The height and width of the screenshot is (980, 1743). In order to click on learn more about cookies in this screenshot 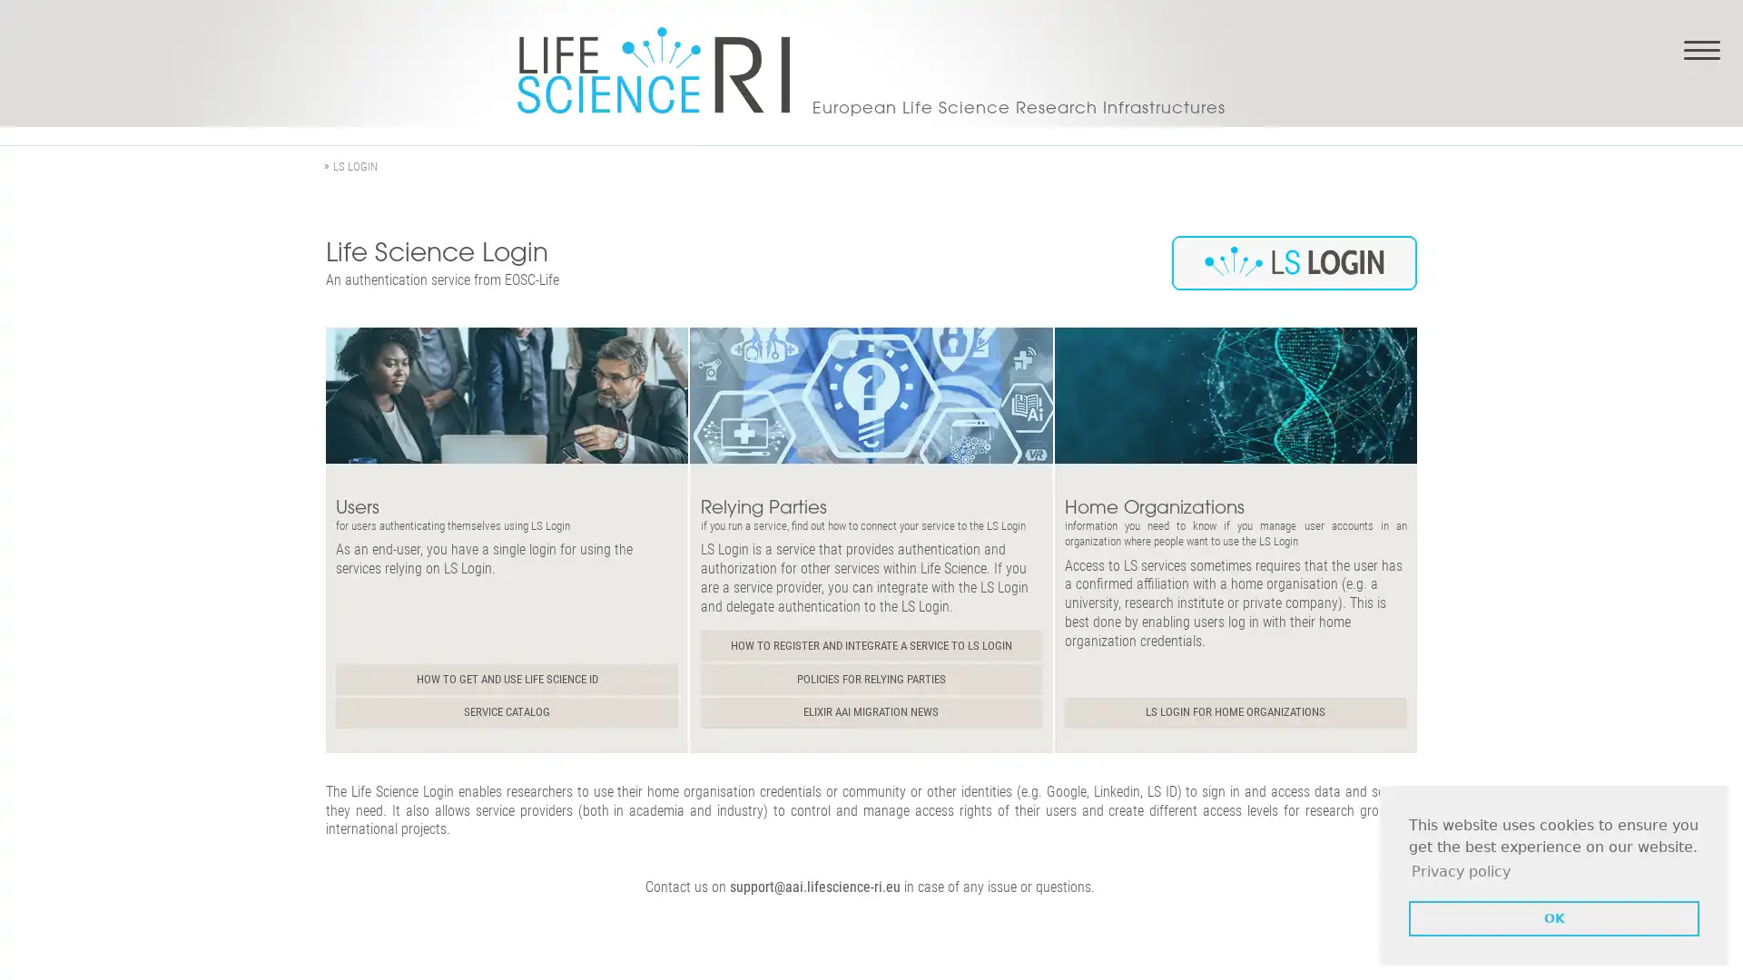, I will do `click(1461, 870)`.